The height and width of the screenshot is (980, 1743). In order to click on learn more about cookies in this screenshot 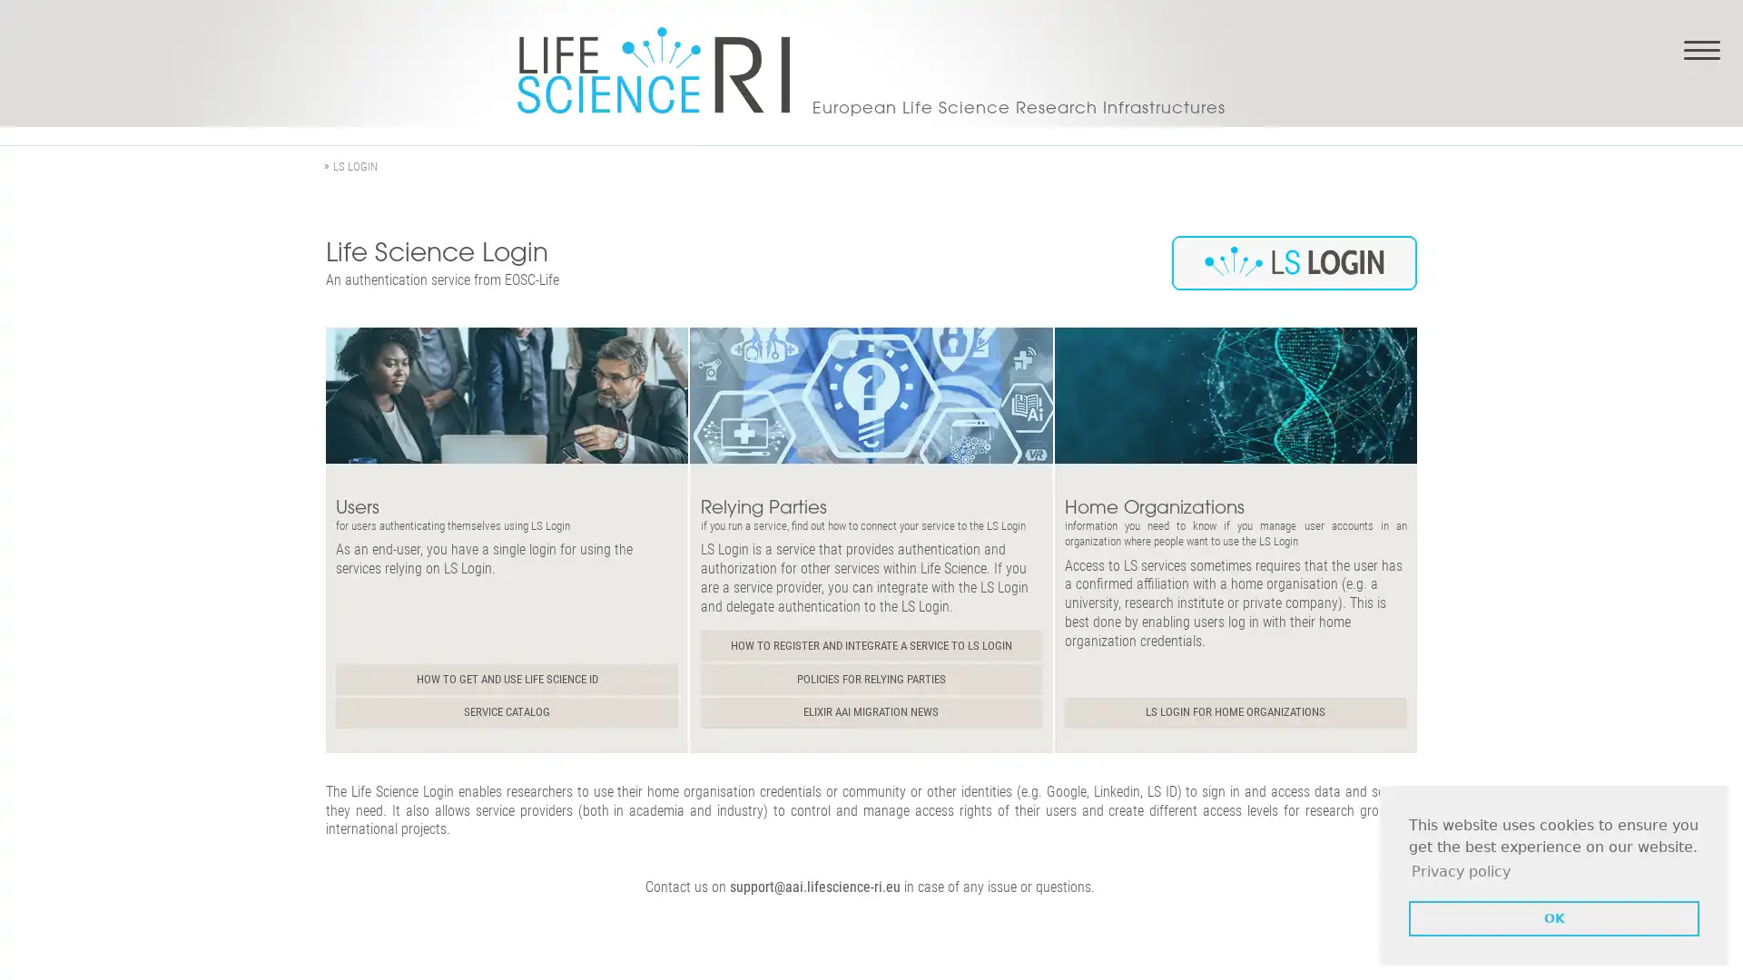, I will do `click(1461, 870)`.